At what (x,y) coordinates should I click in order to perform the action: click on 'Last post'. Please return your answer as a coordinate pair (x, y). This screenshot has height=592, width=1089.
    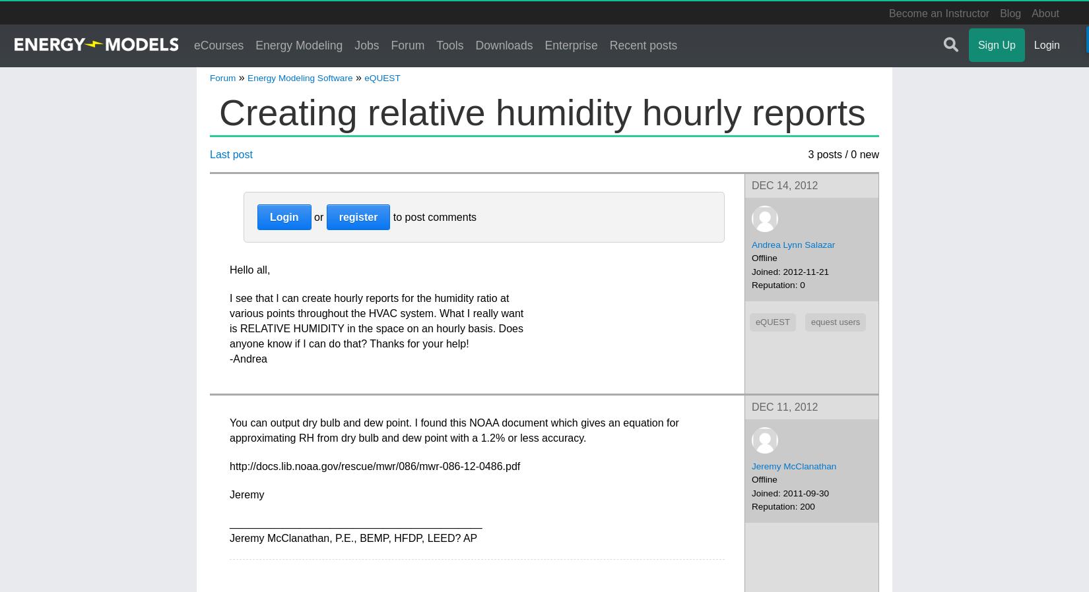
    Looking at the image, I should click on (230, 154).